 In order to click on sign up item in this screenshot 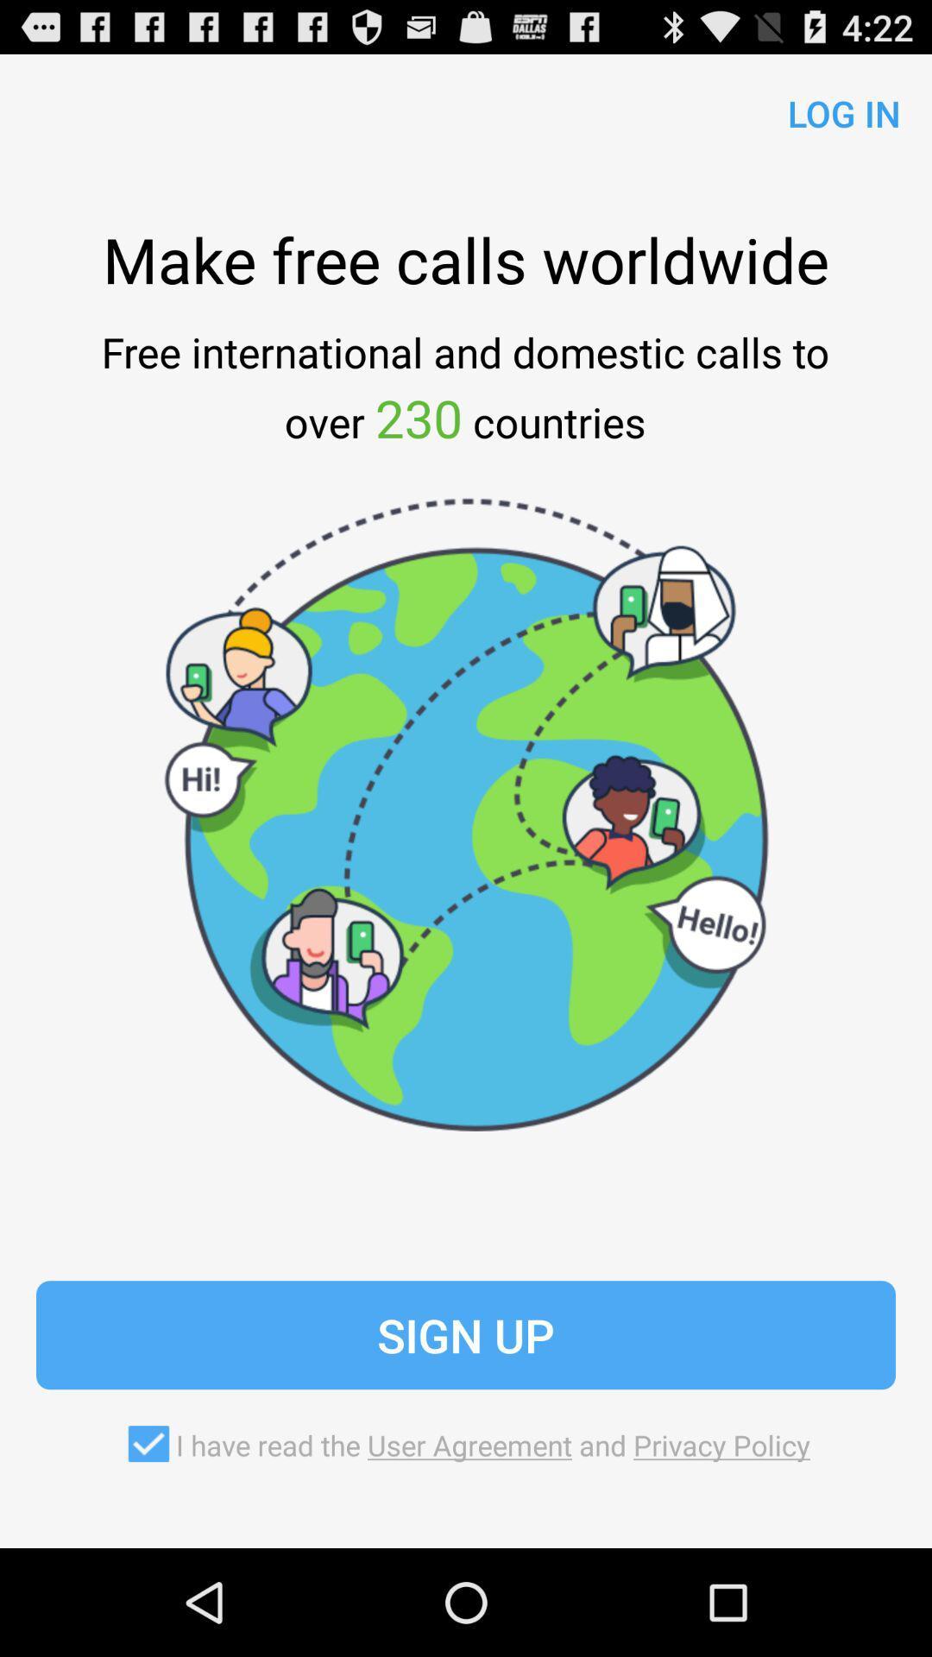, I will do `click(466, 1334)`.